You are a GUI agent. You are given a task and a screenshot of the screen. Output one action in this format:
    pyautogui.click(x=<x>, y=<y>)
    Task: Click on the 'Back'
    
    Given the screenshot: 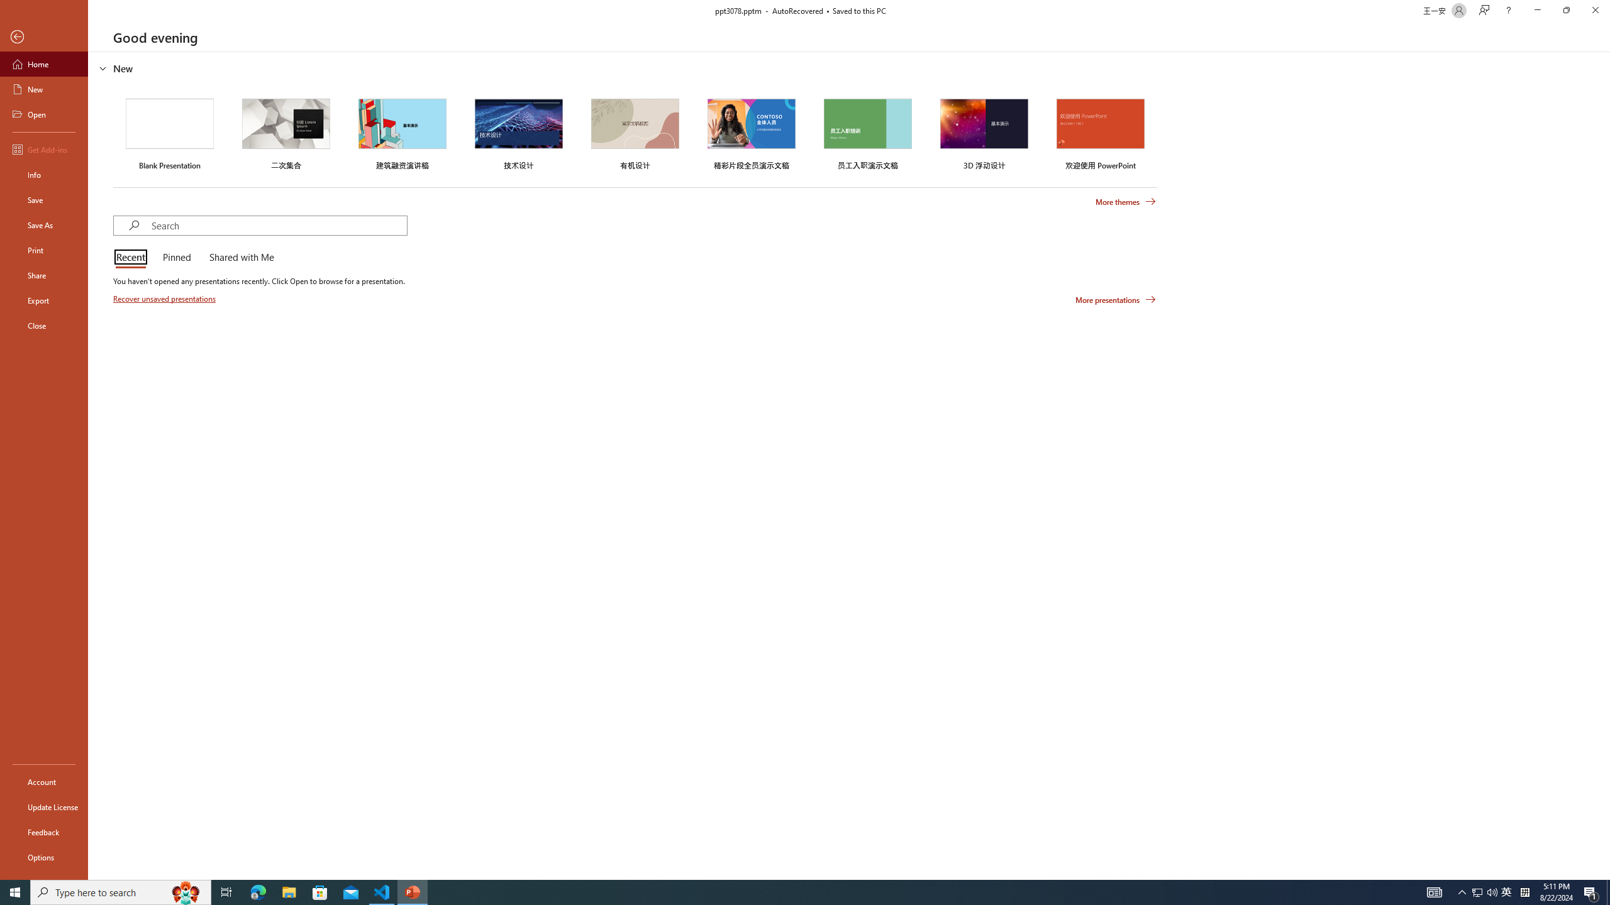 What is the action you would take?
    pyautogui.click(x=43, y=36)
    